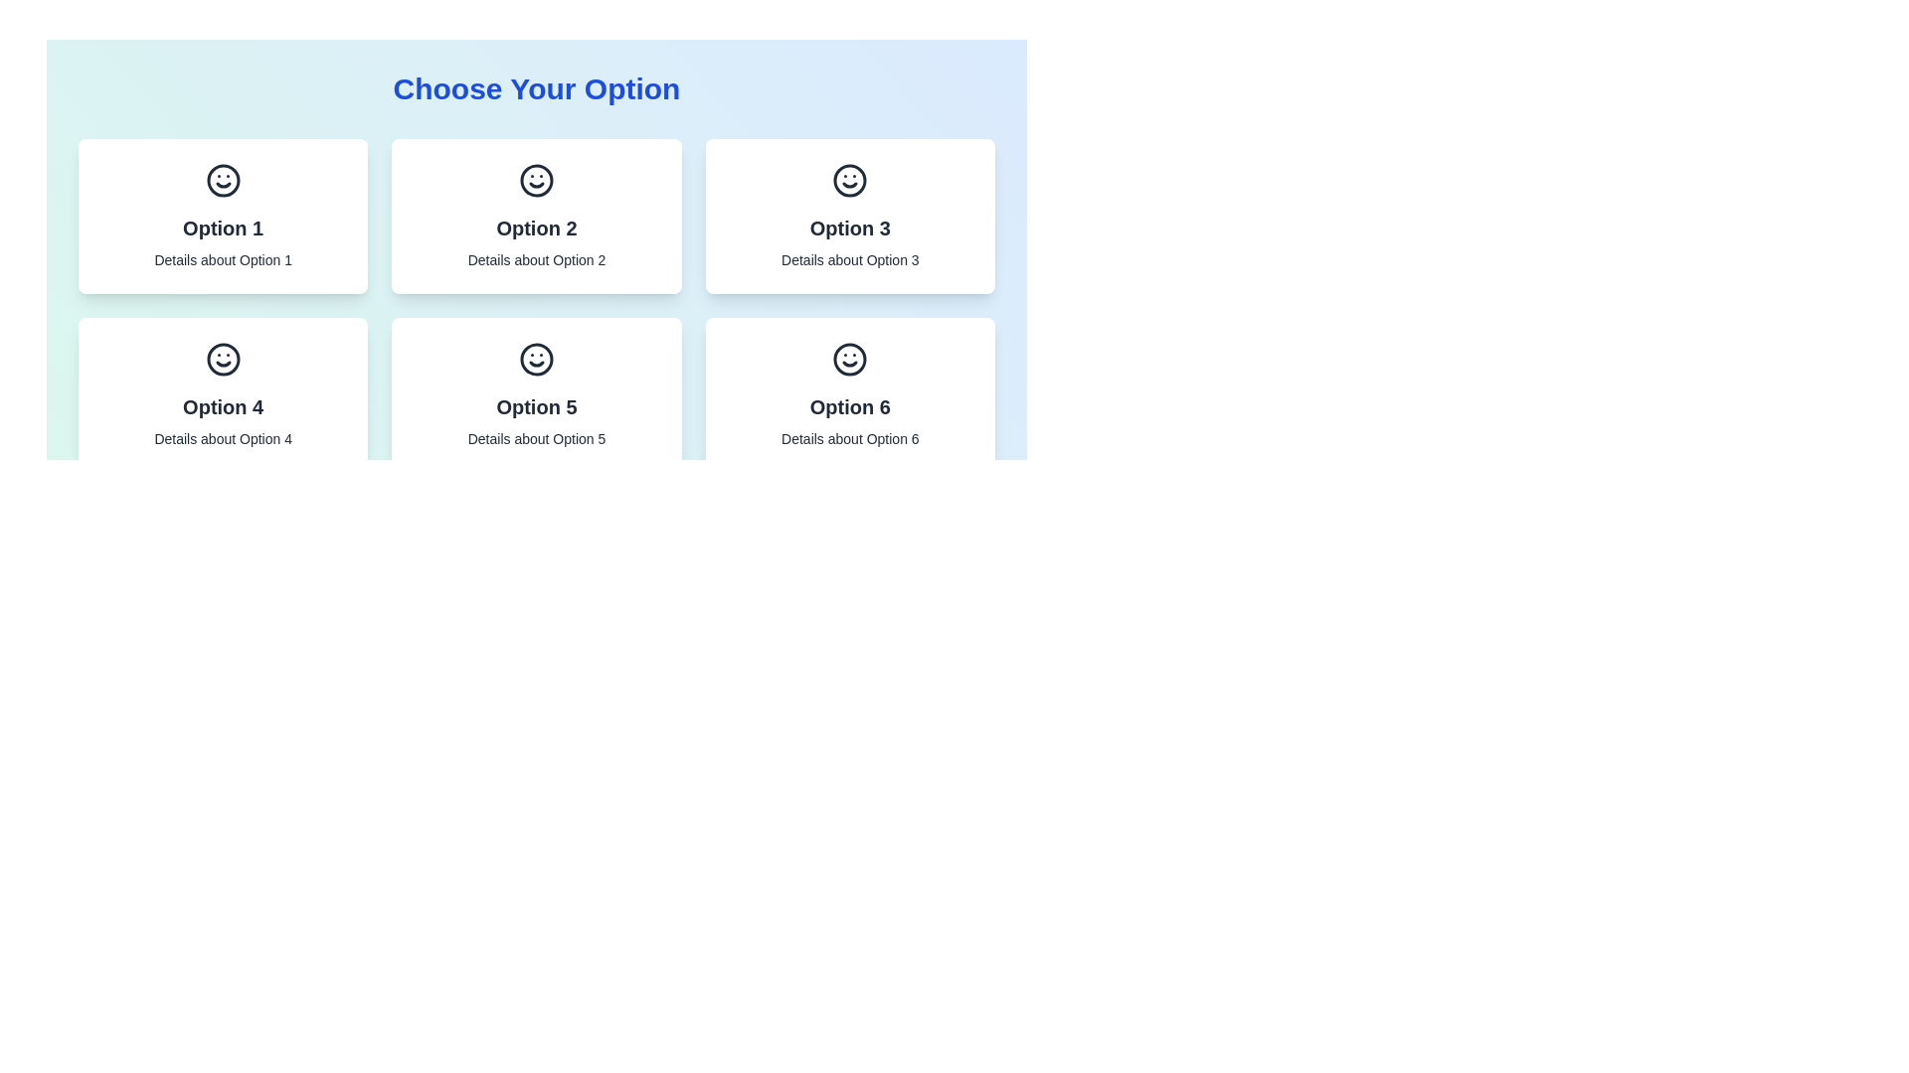 The image size is (1909, 1073). Describe the element at coordinates (850, 180) in the screenshot. I see `the decorative SVG icon representing 'Option 3' located at the top of the card in the first row, third column of the grid` at that location.